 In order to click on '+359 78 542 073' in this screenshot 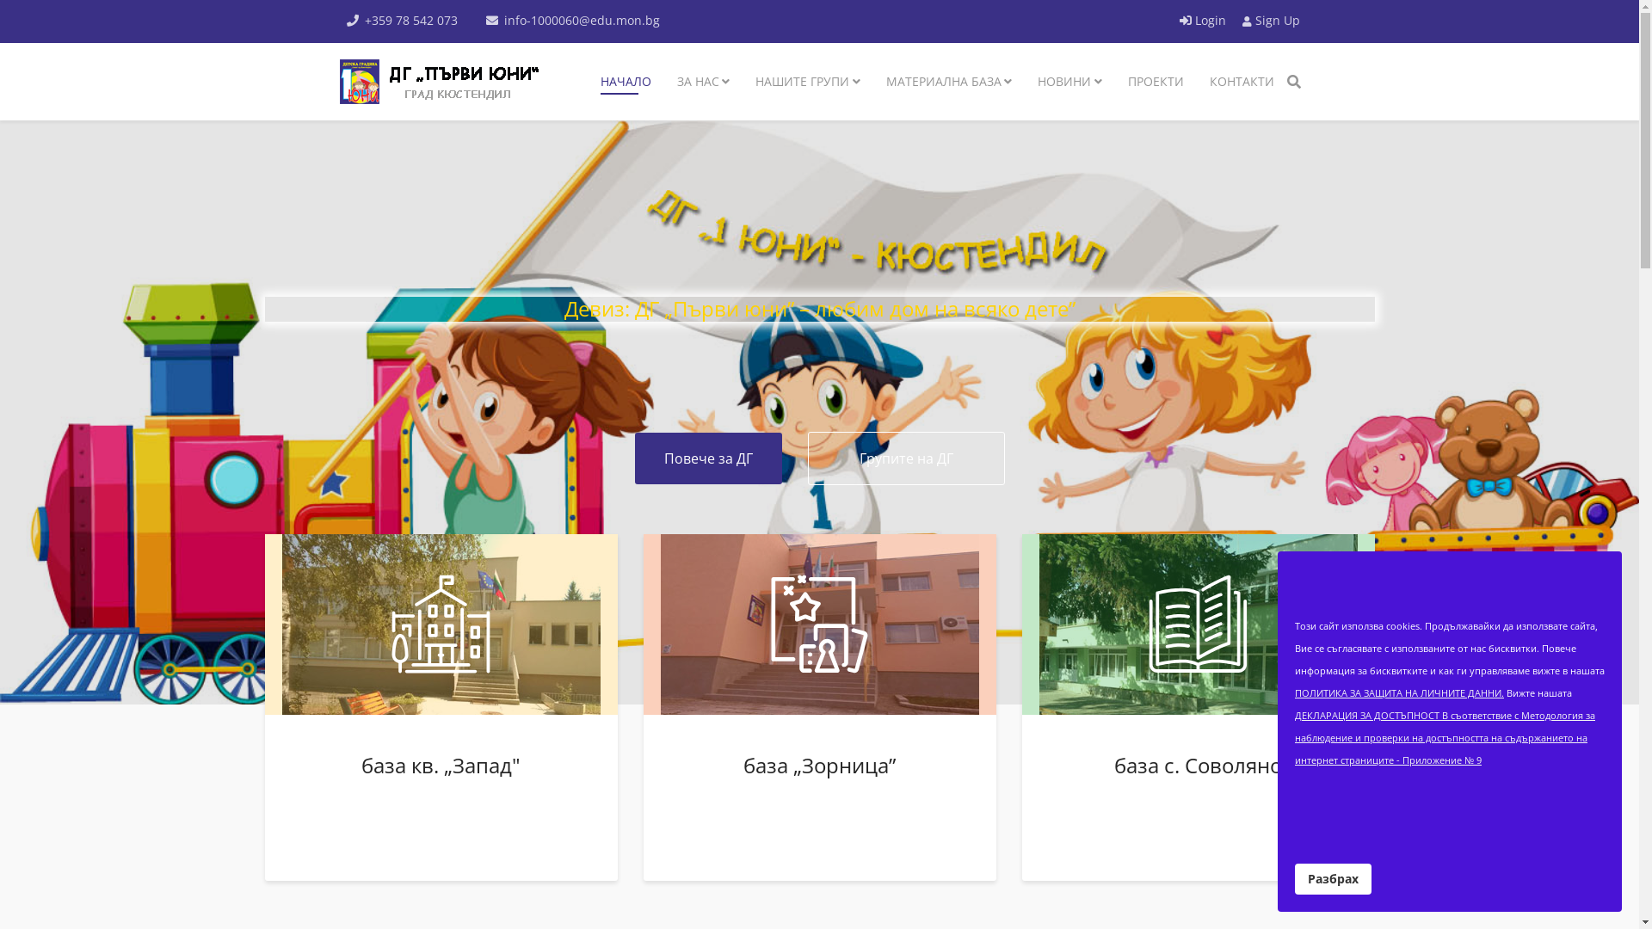, I will do `click(410, 20)`.